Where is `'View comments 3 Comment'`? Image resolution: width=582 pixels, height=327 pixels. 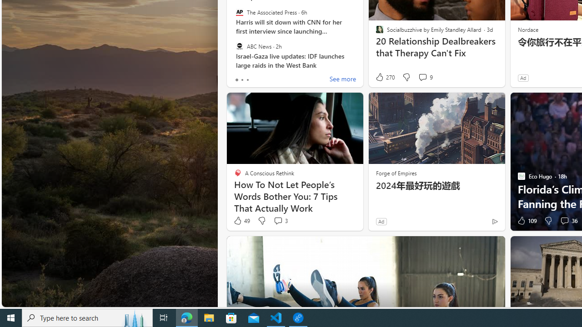
'View comments 3 Comment' is located at coordinates (277, 221).